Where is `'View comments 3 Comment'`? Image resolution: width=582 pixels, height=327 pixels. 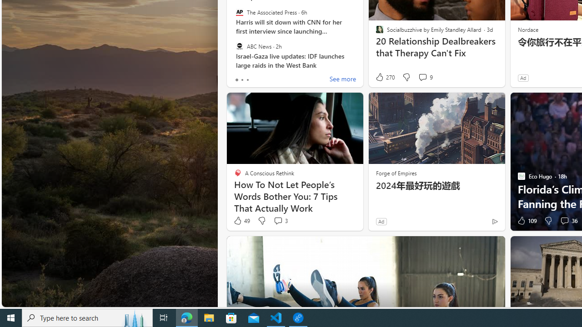
'View comments 3 Comment' is located at coordinates (277, 221).